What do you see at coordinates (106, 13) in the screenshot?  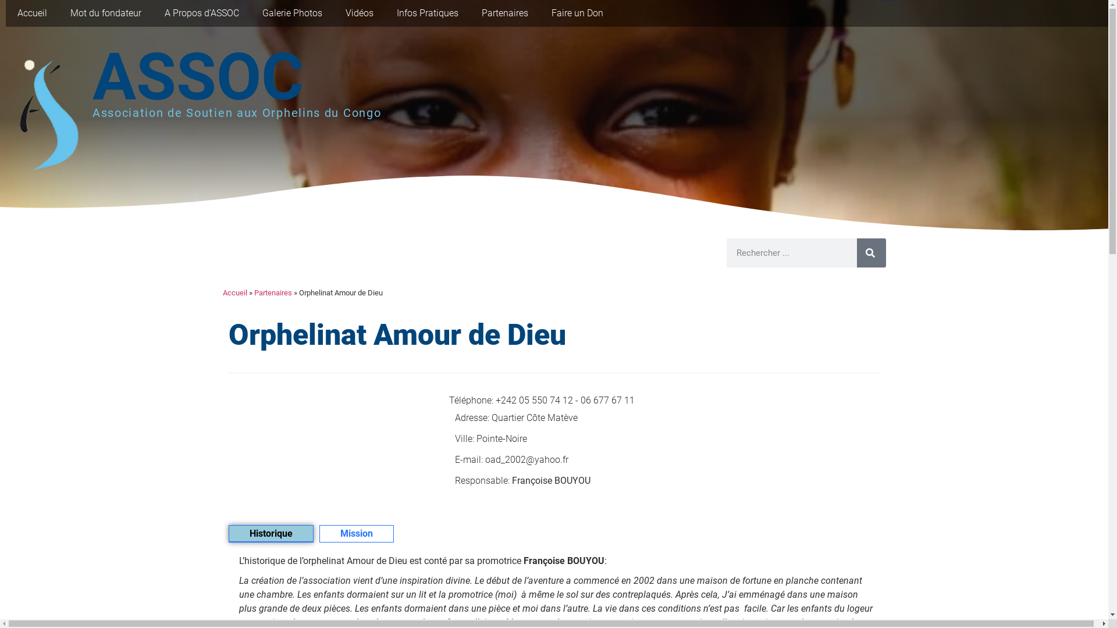 I see `'Mot du fondateur'` at bounding box center [106, 13].